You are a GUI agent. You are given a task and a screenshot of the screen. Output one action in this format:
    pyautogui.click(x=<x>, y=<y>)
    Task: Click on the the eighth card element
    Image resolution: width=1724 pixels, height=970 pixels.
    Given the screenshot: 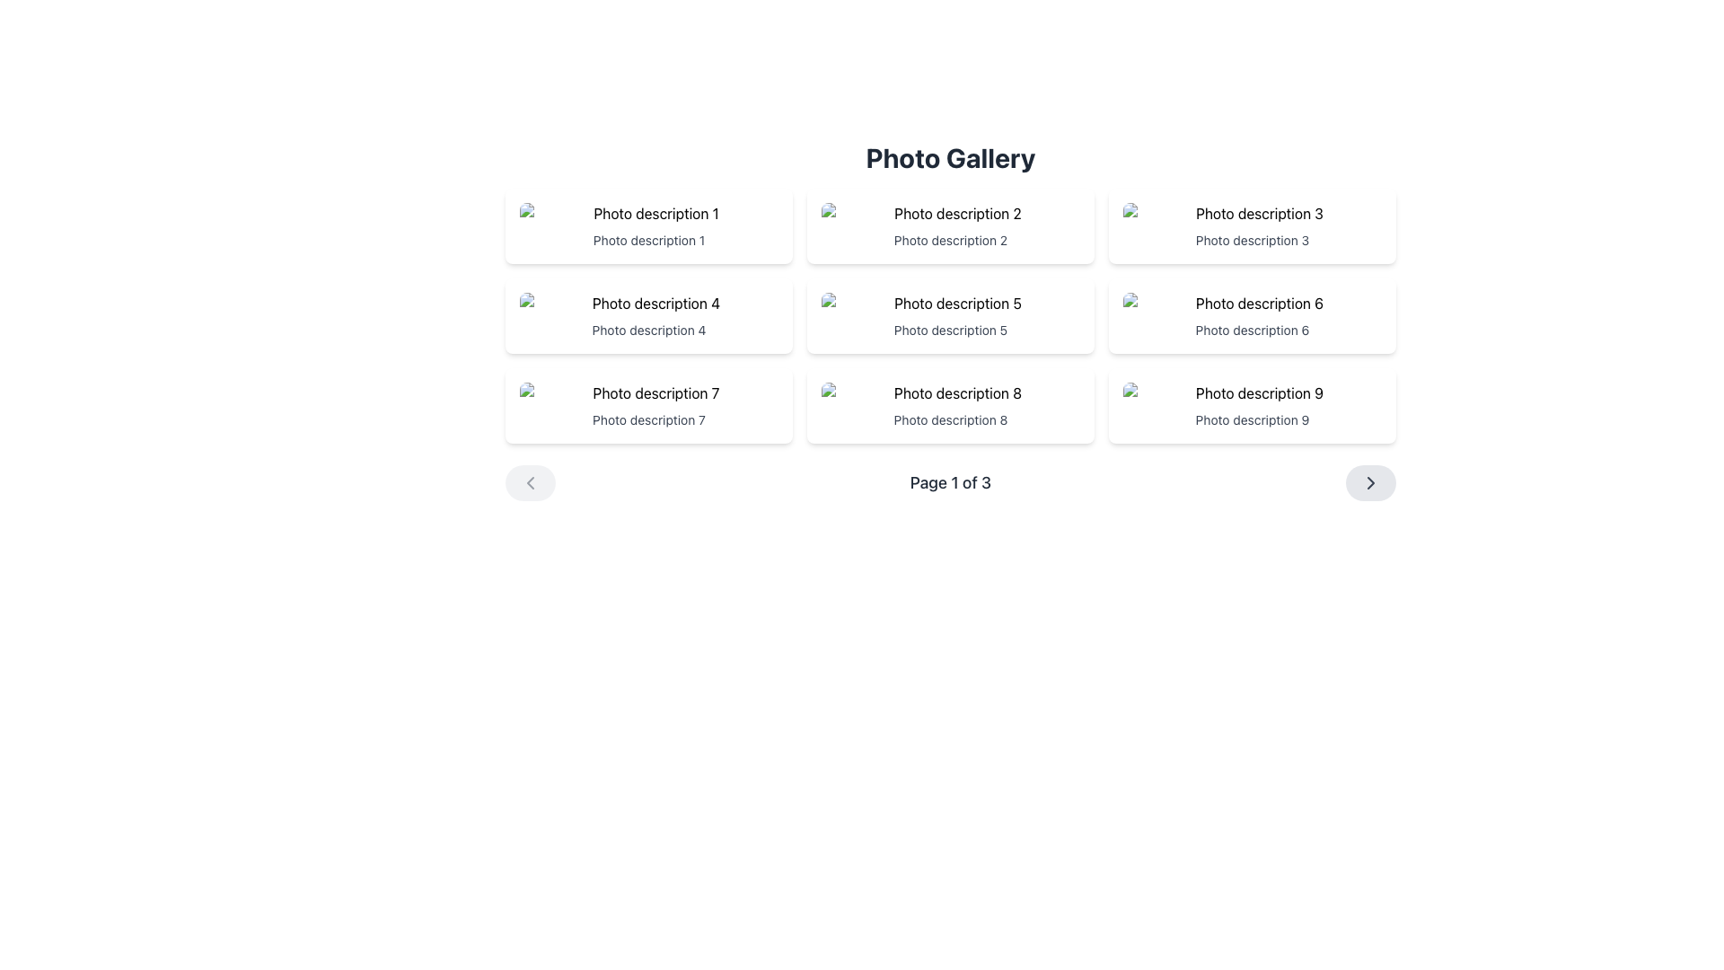 What is the action you would take?
    pyautogui.click(x=950, y=405)
    